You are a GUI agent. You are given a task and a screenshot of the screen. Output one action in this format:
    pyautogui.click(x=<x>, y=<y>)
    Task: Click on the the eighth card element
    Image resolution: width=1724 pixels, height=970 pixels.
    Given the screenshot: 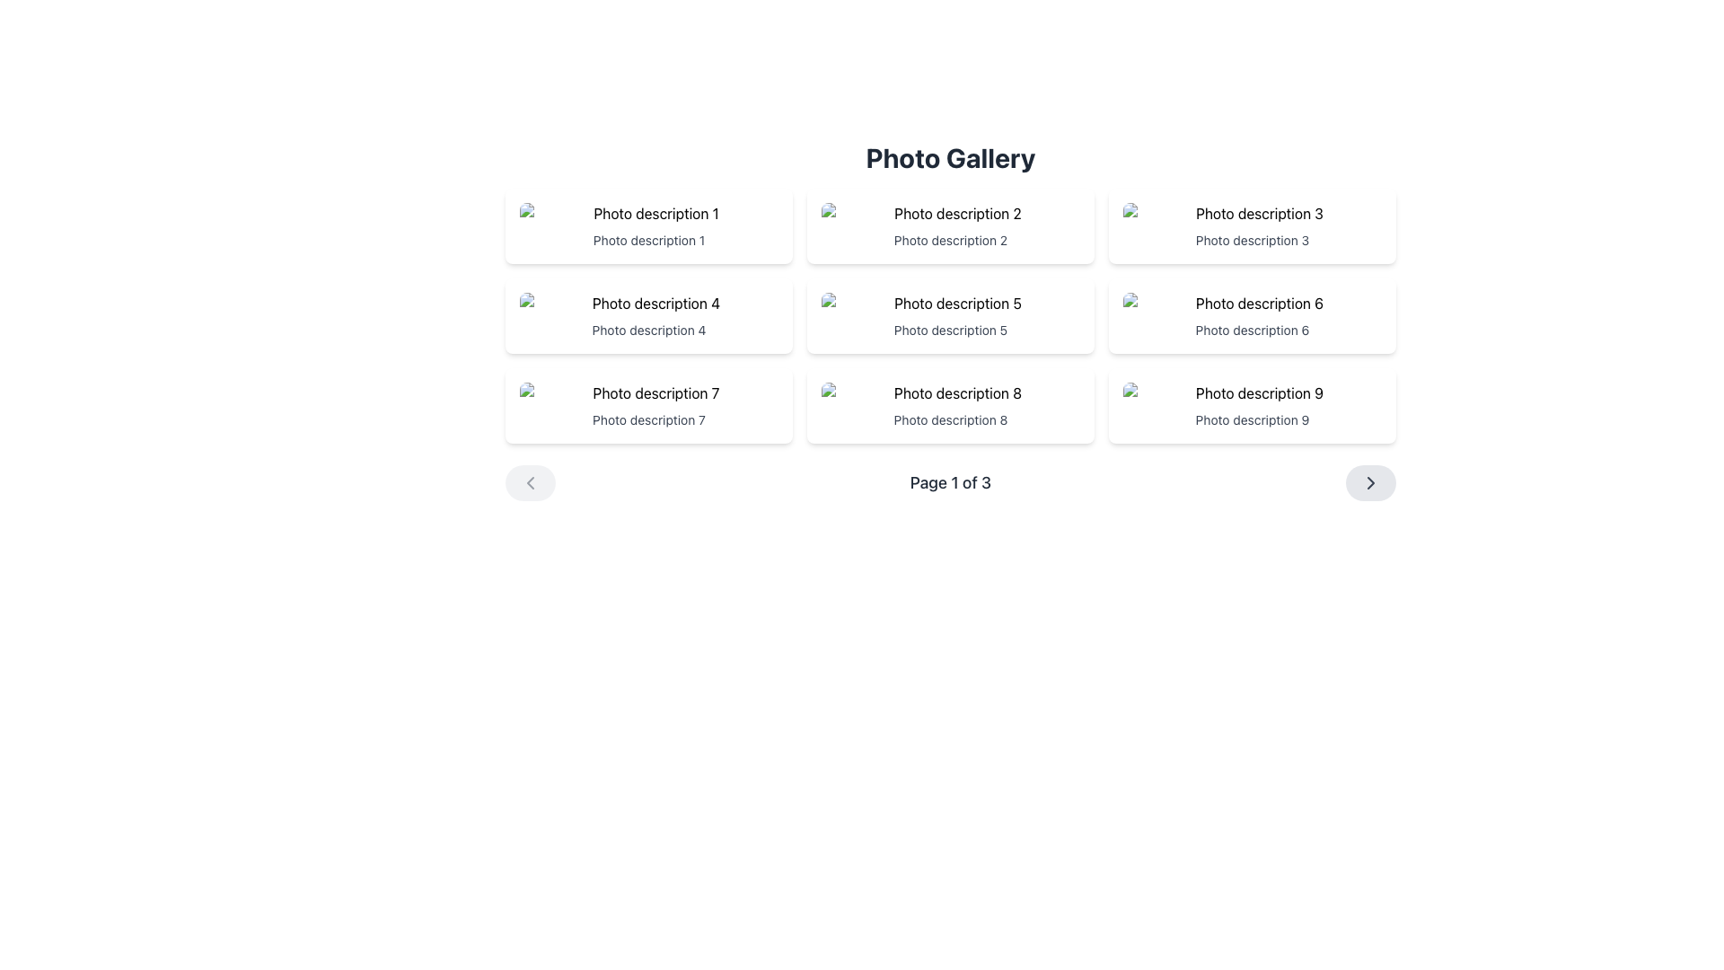 What is the action you would take?
    pyautogui.click(x=950, y=405)
    